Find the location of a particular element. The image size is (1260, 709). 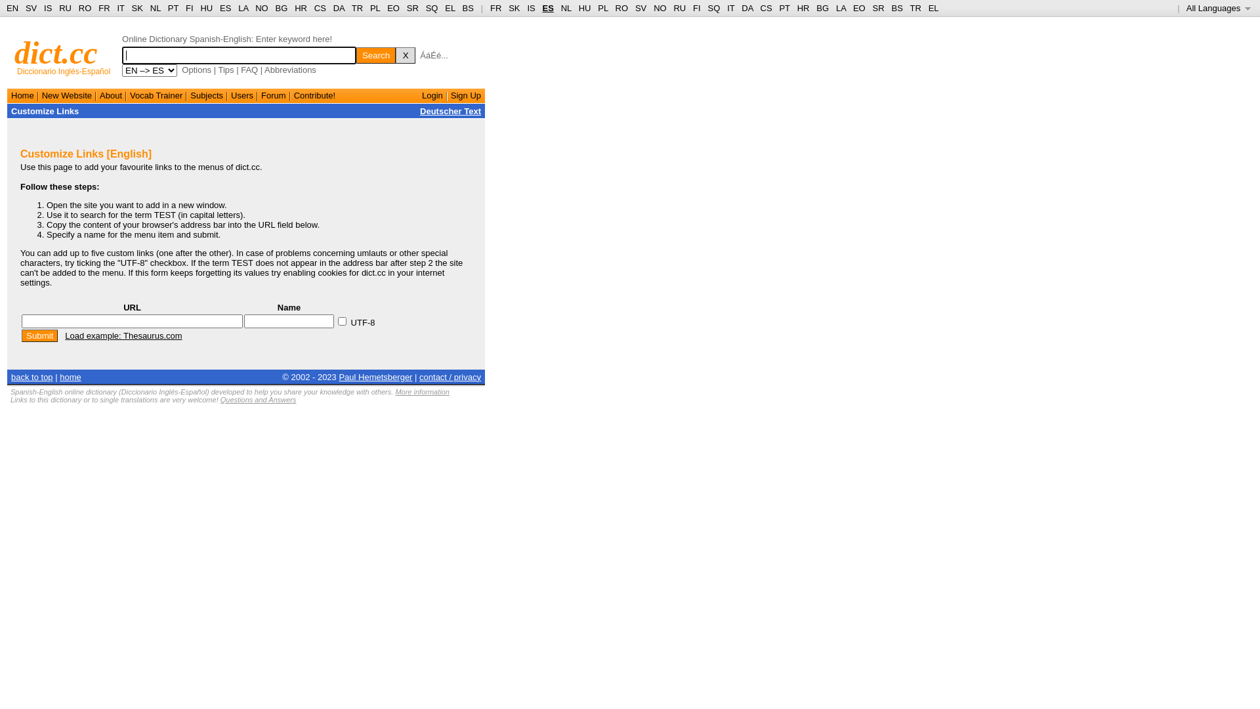

'Login' is located at coordinates (432, 95).